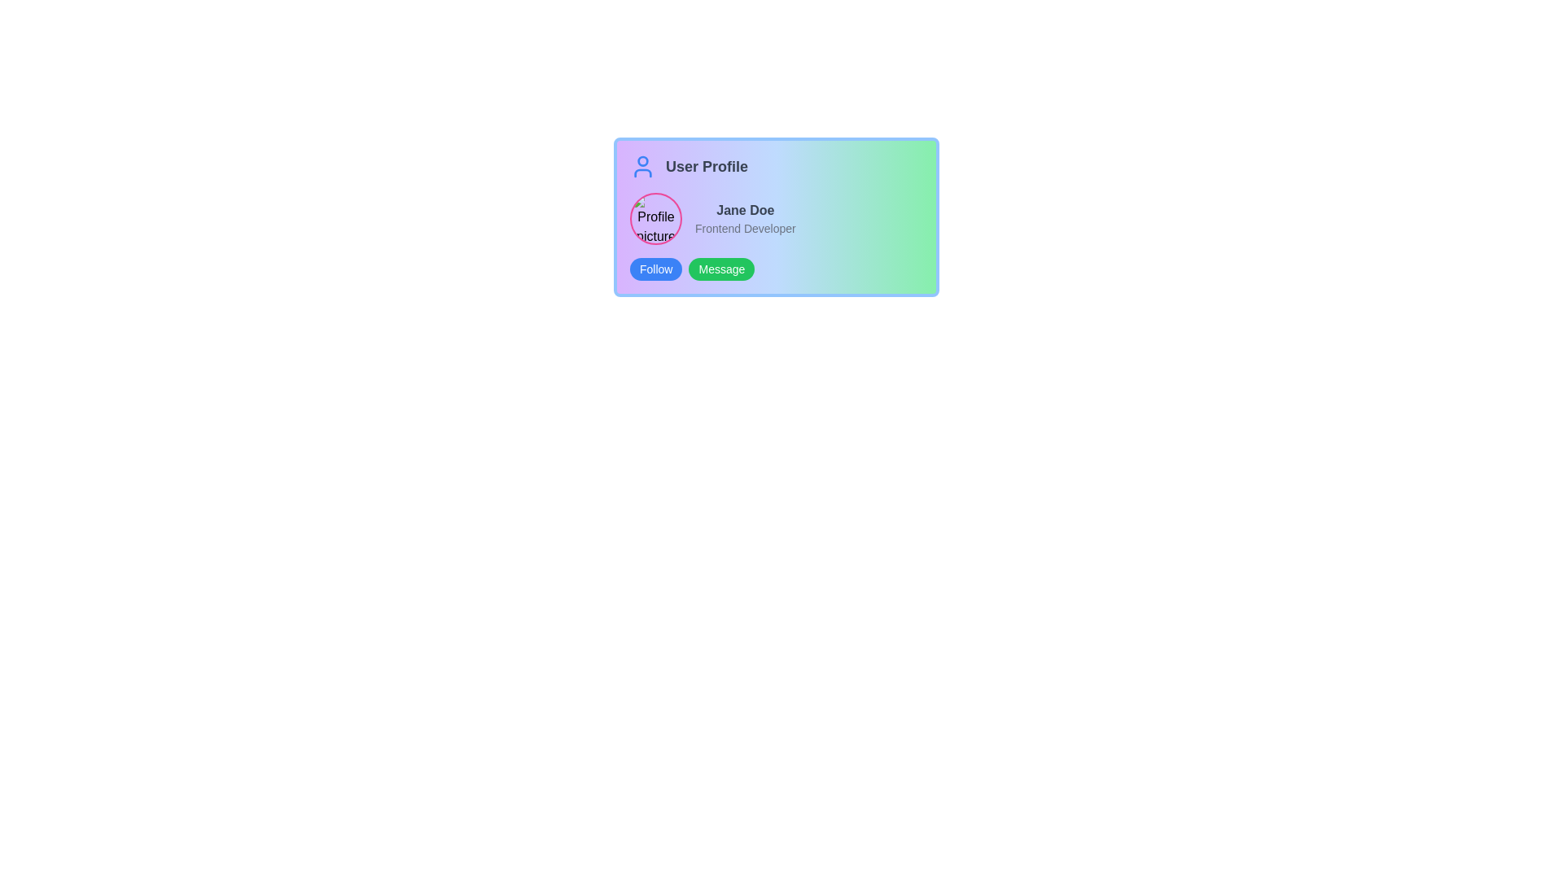 The image size is (1563, 879). I want to click on the decorative circle element representing the user's head within the user profile icon, located at the upper-center area just above the torso representation, so click(642, 160).